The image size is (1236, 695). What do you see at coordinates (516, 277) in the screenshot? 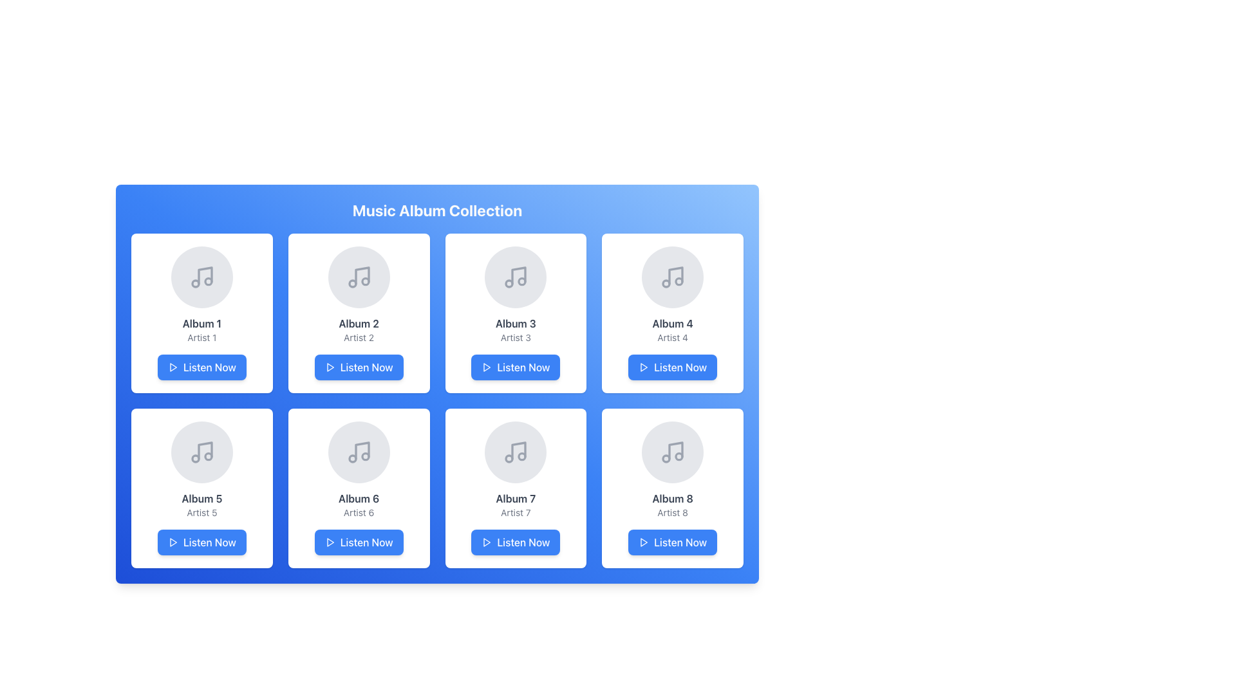
I see `the Icon representing 'Album 3' in the music album collection, which is the third icon in the row under the title 'Album 3 Artist 3'` at bounding box center [516, 277].